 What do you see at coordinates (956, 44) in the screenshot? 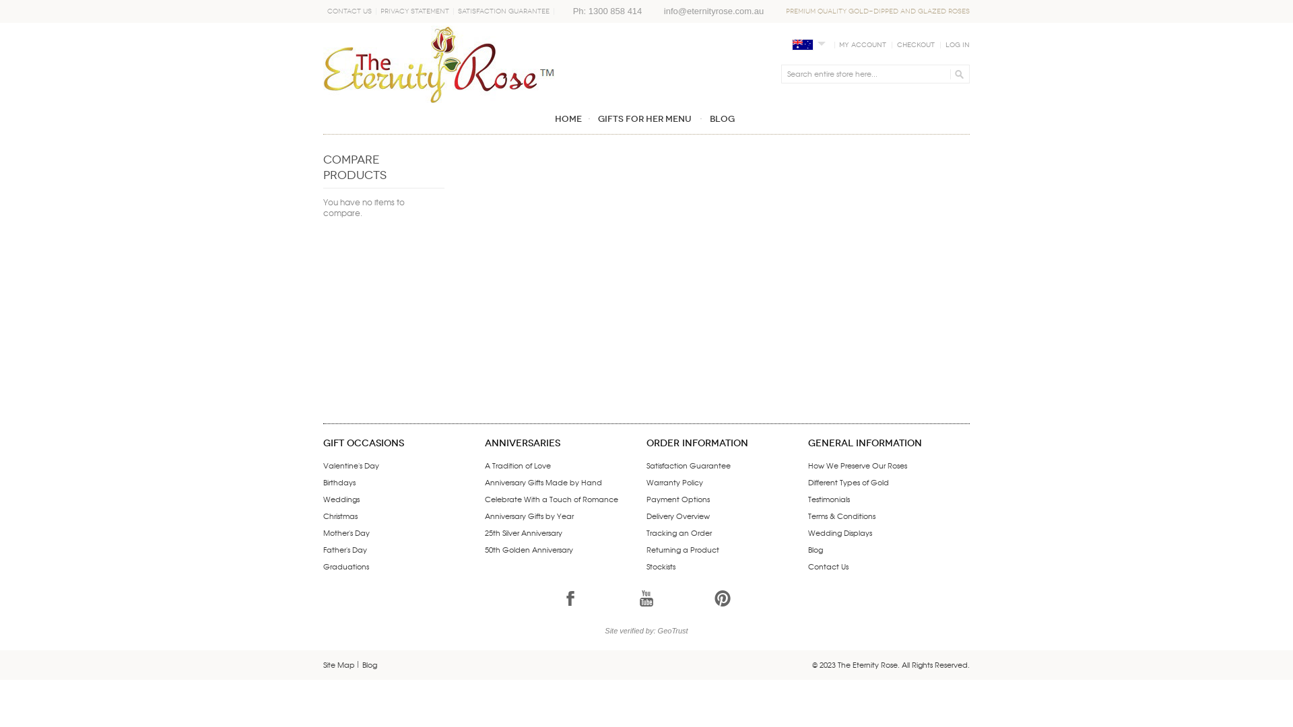
I see `'Log In'` at bounding box center [956, 44].